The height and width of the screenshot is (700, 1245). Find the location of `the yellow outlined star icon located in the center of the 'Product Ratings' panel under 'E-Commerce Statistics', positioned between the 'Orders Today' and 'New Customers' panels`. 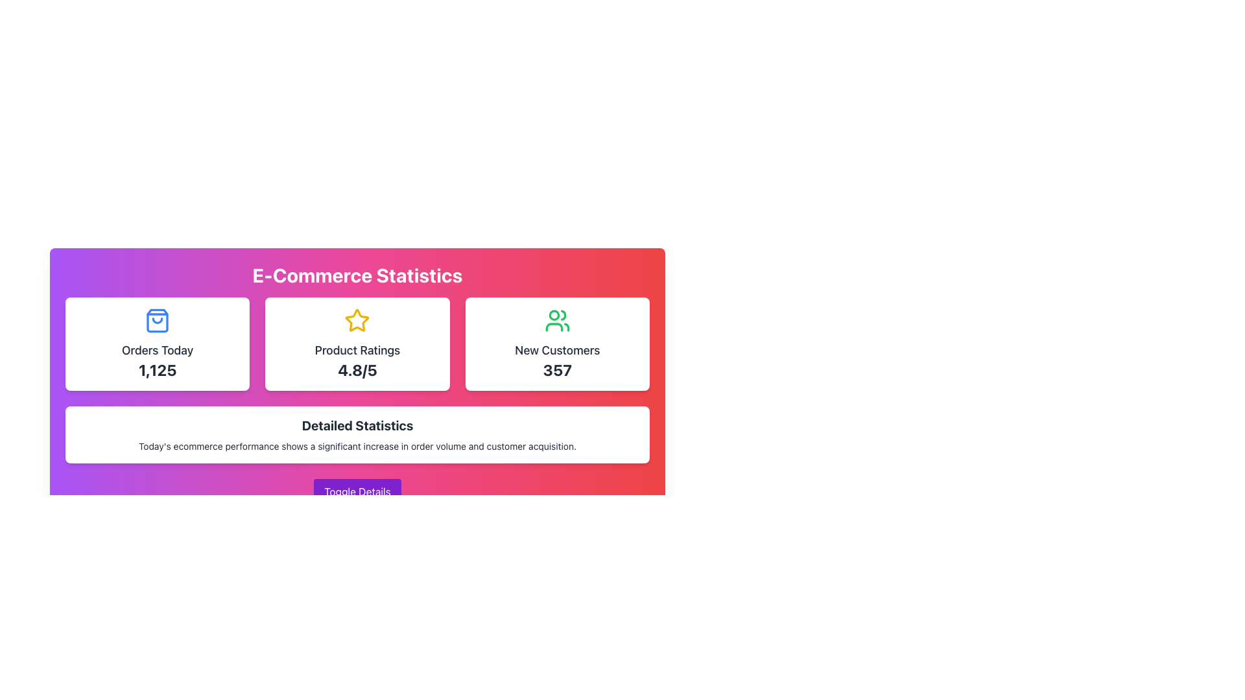

the yellow outlined star icon located in the center of the 'Product Ratings' panel under 'E-Commerce Statistics', positioned between the 'Orders Today' and 'New Customers' panels is located at coordinates (357, 320).